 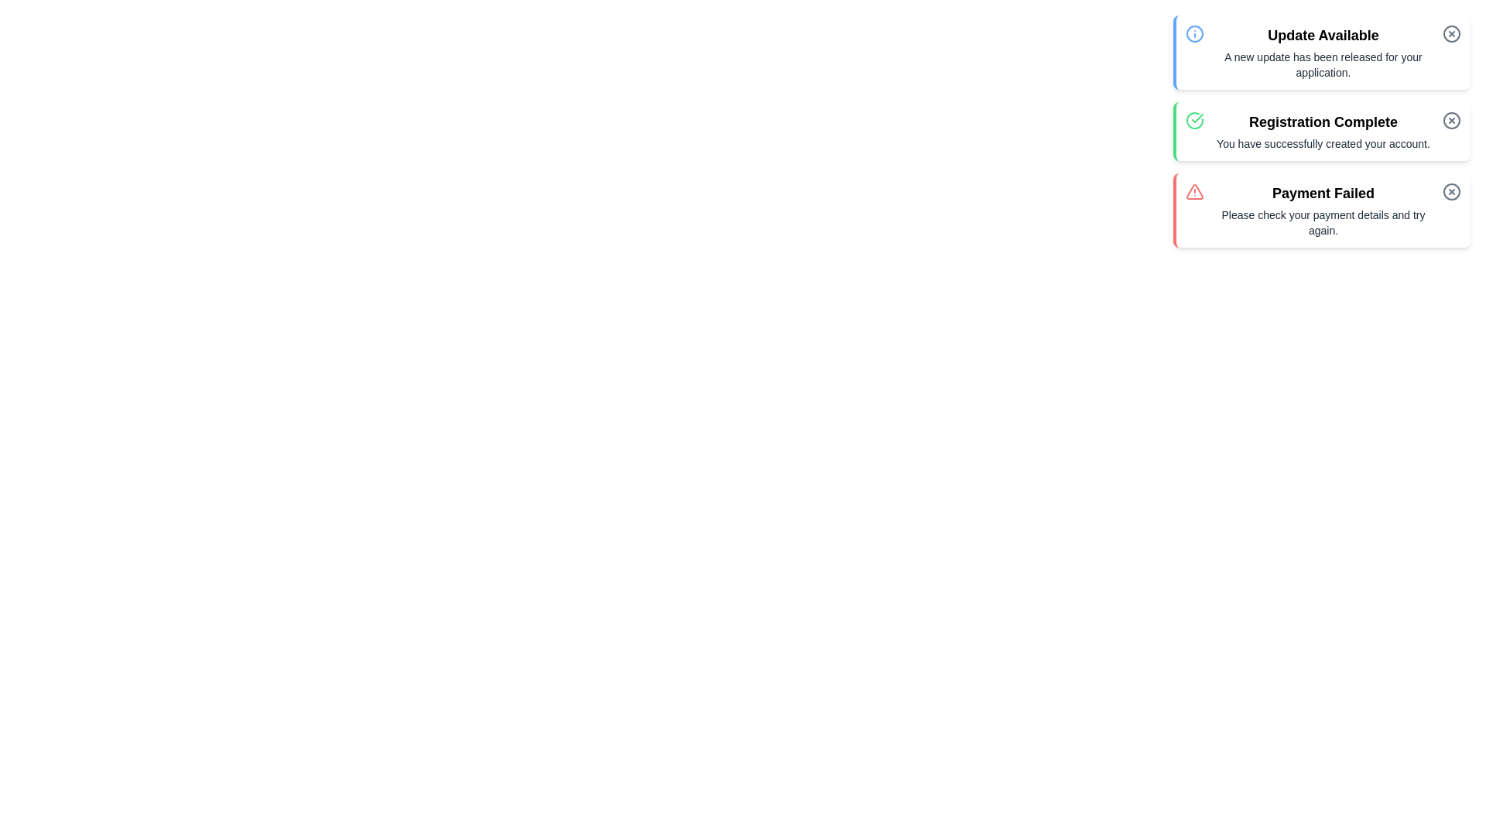 What do you see at coordinates (1321, 211) in the screenshot?
I see `the Notification card that informs the user about a failed payment process, located at the bottom of the notification stack, to read the message` at bounding box center [1321, 211].